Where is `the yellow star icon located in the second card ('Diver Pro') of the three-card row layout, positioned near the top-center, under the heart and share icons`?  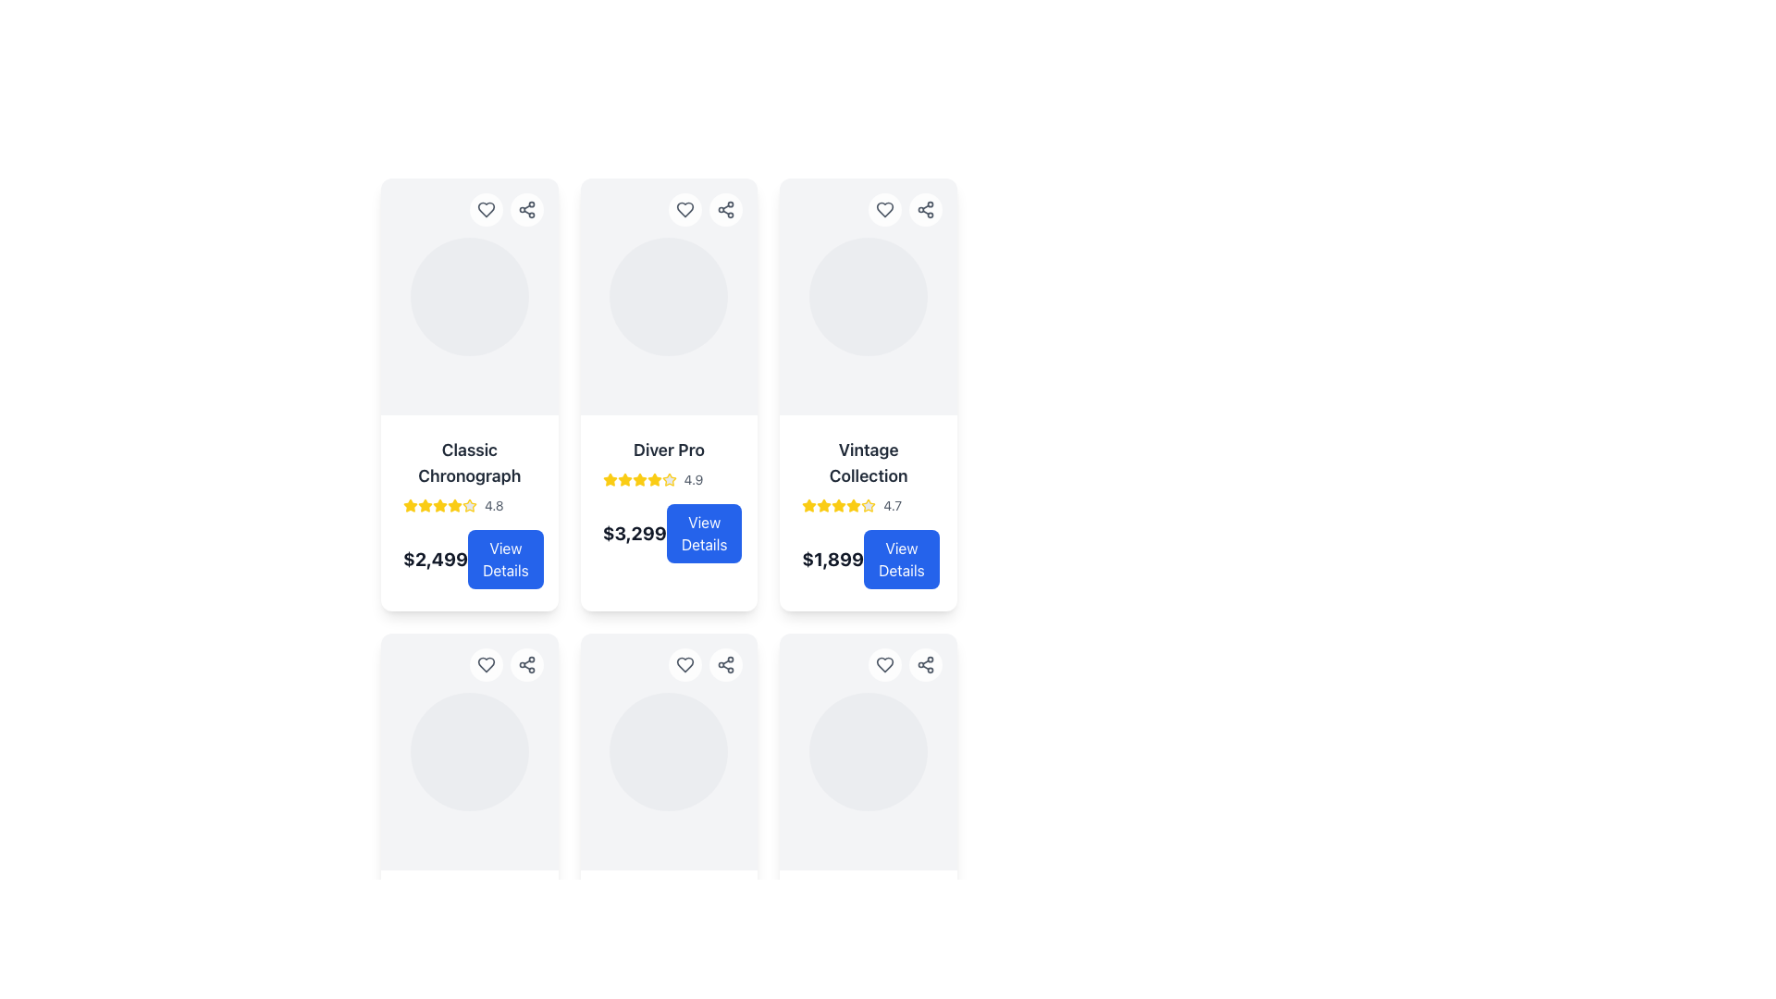 the yellow star icon located in the second card ('Diver Pro') of the three-card row layout, positioned near the top-center, under the heart and share icons is located at coordinates (610, 478).